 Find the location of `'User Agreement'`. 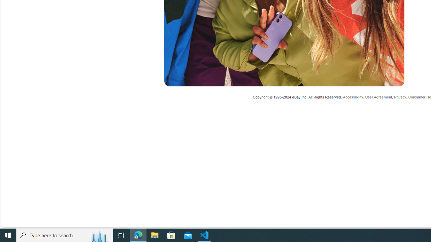

'User Agreement' is located at coordinates (378, 97).